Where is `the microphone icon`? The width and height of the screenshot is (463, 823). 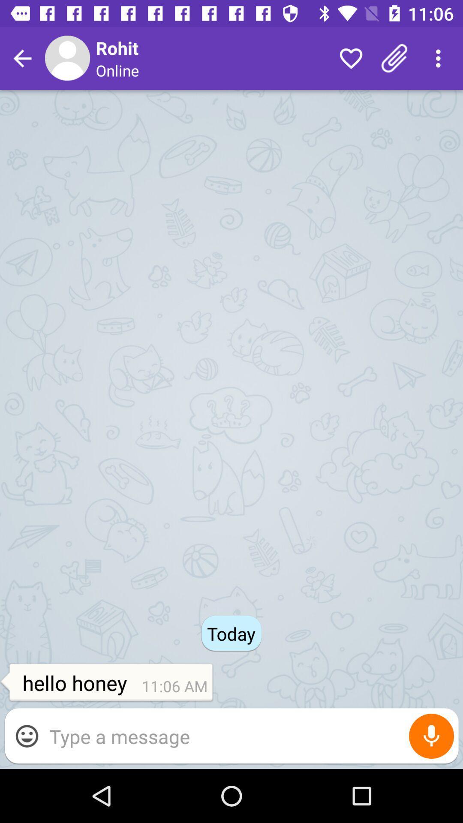 the microphone icon is located at coordinates (431, 736).